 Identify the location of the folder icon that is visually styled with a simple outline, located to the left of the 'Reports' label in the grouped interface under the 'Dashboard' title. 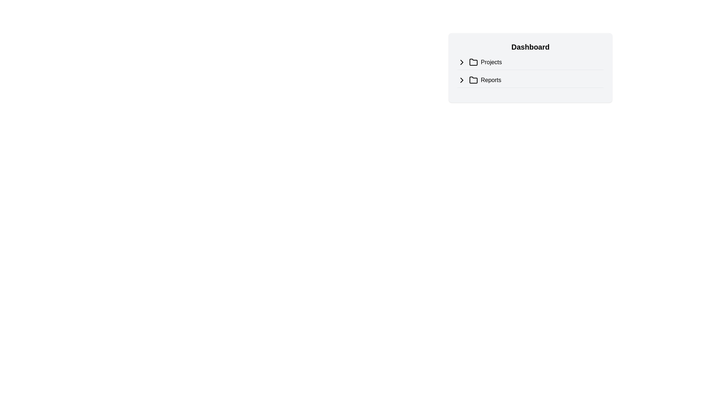
(473, 80).